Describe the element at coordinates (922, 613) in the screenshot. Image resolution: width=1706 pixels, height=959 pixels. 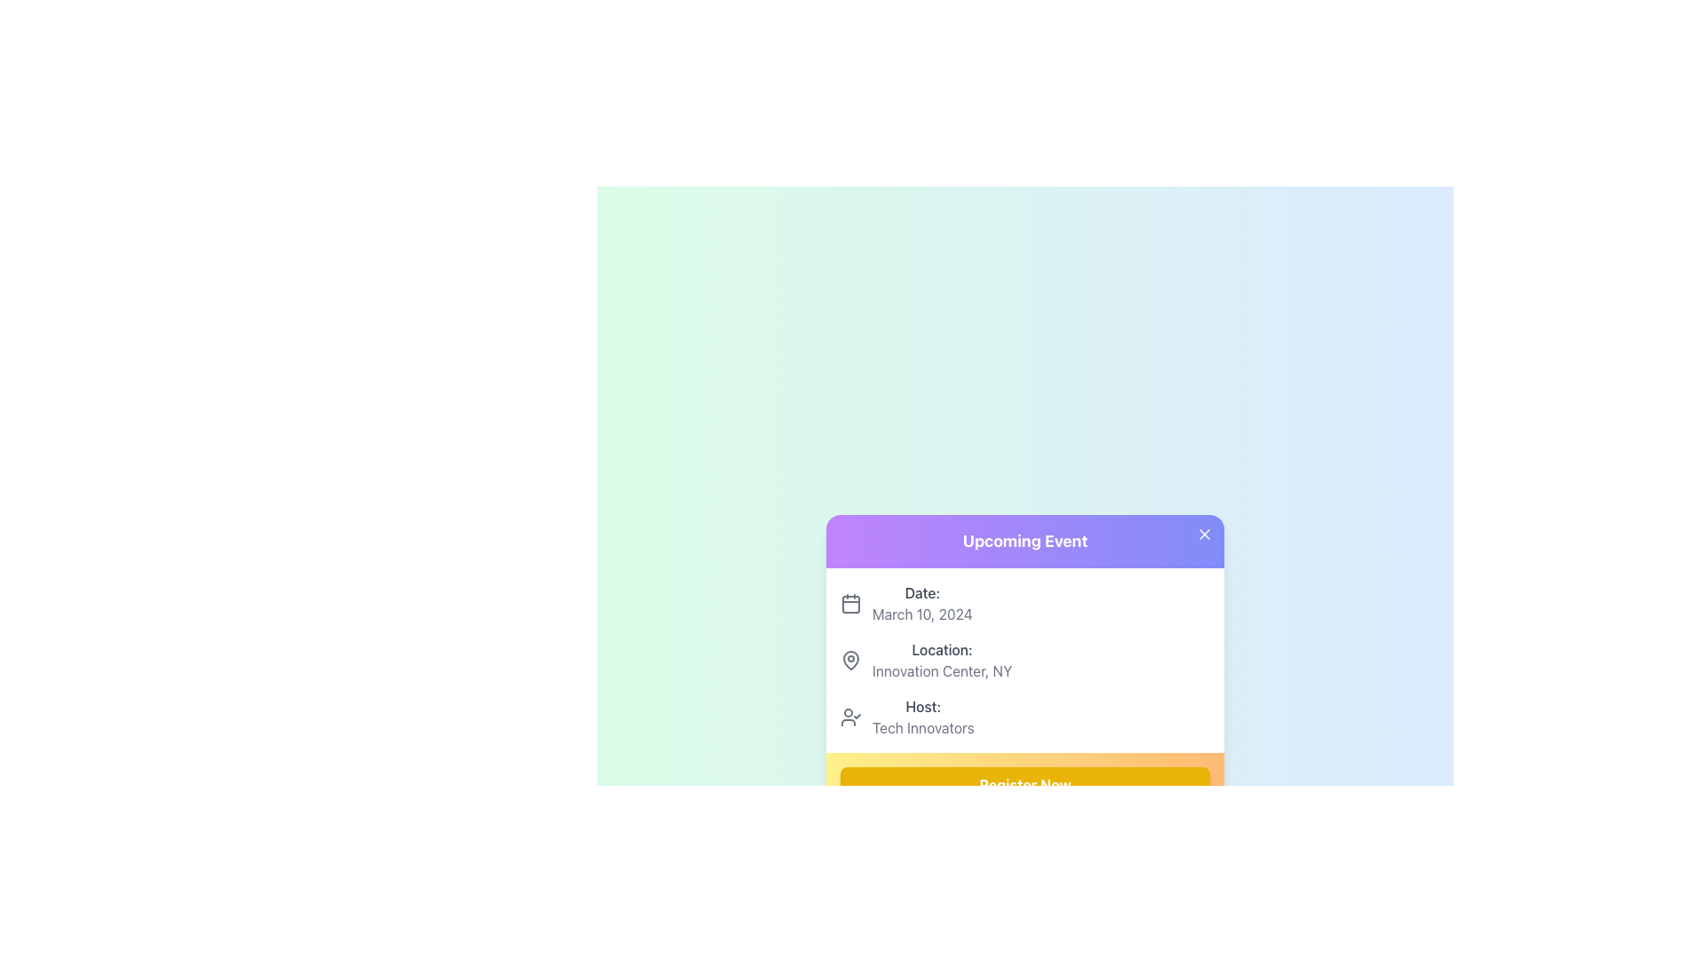
I see `text element displaying 'March 10, 2024' in gray font color, located next to the label 'Date:' in the event details card` at that location.